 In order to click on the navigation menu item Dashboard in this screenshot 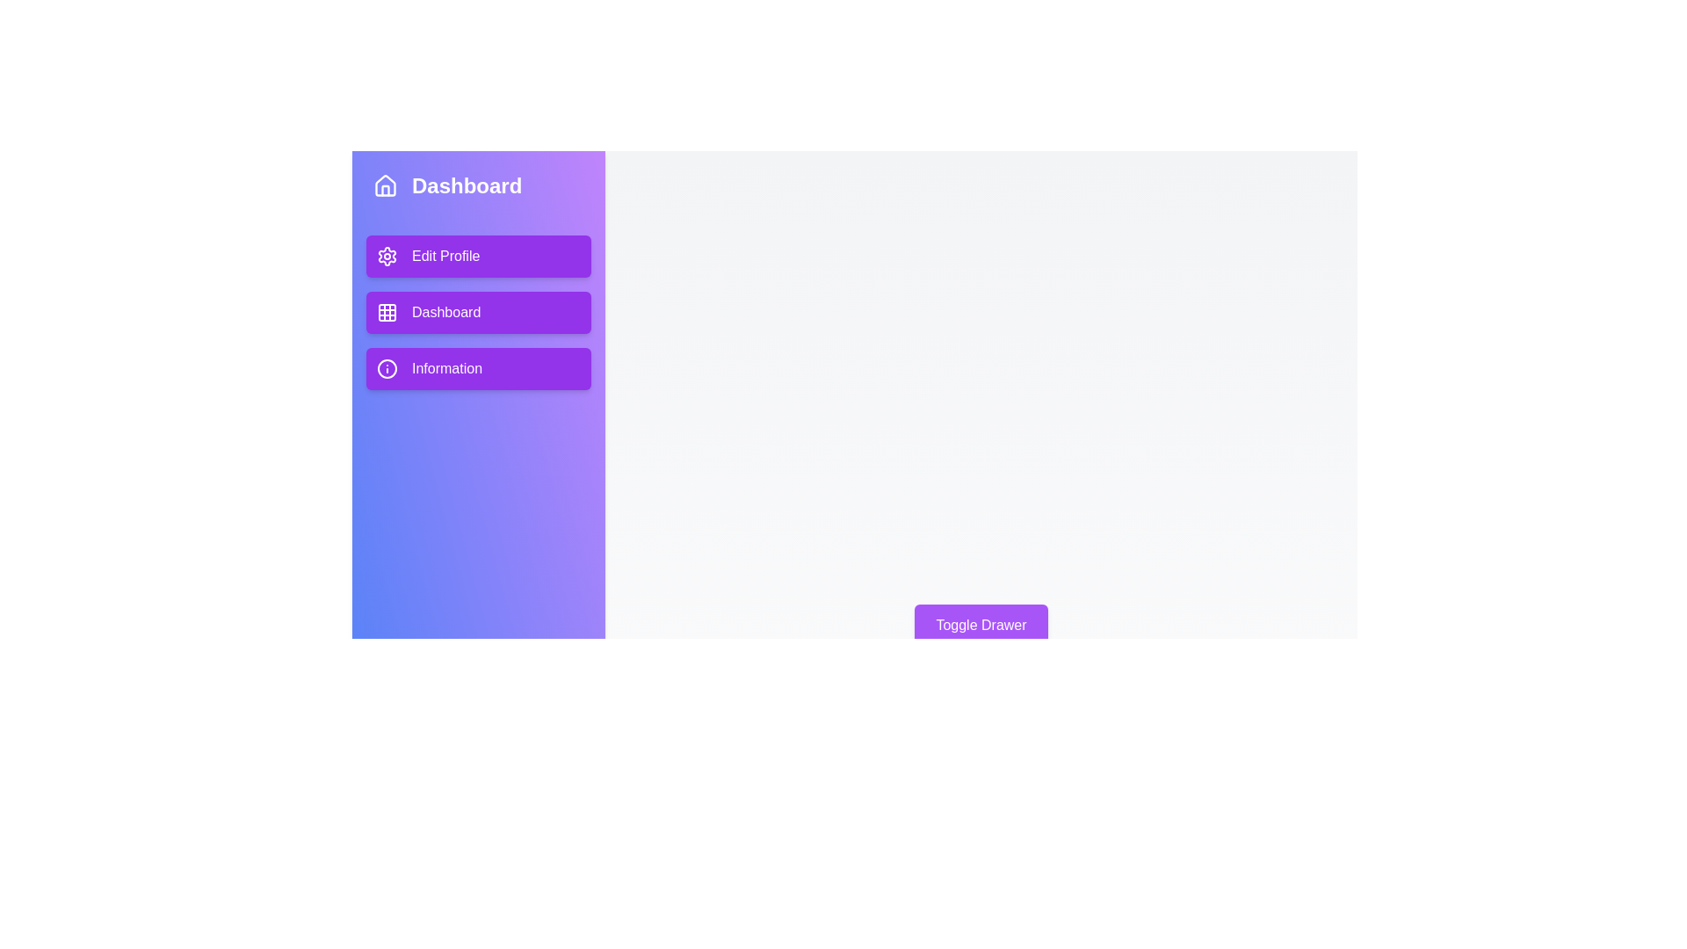, I will do `click(479, 311)`.